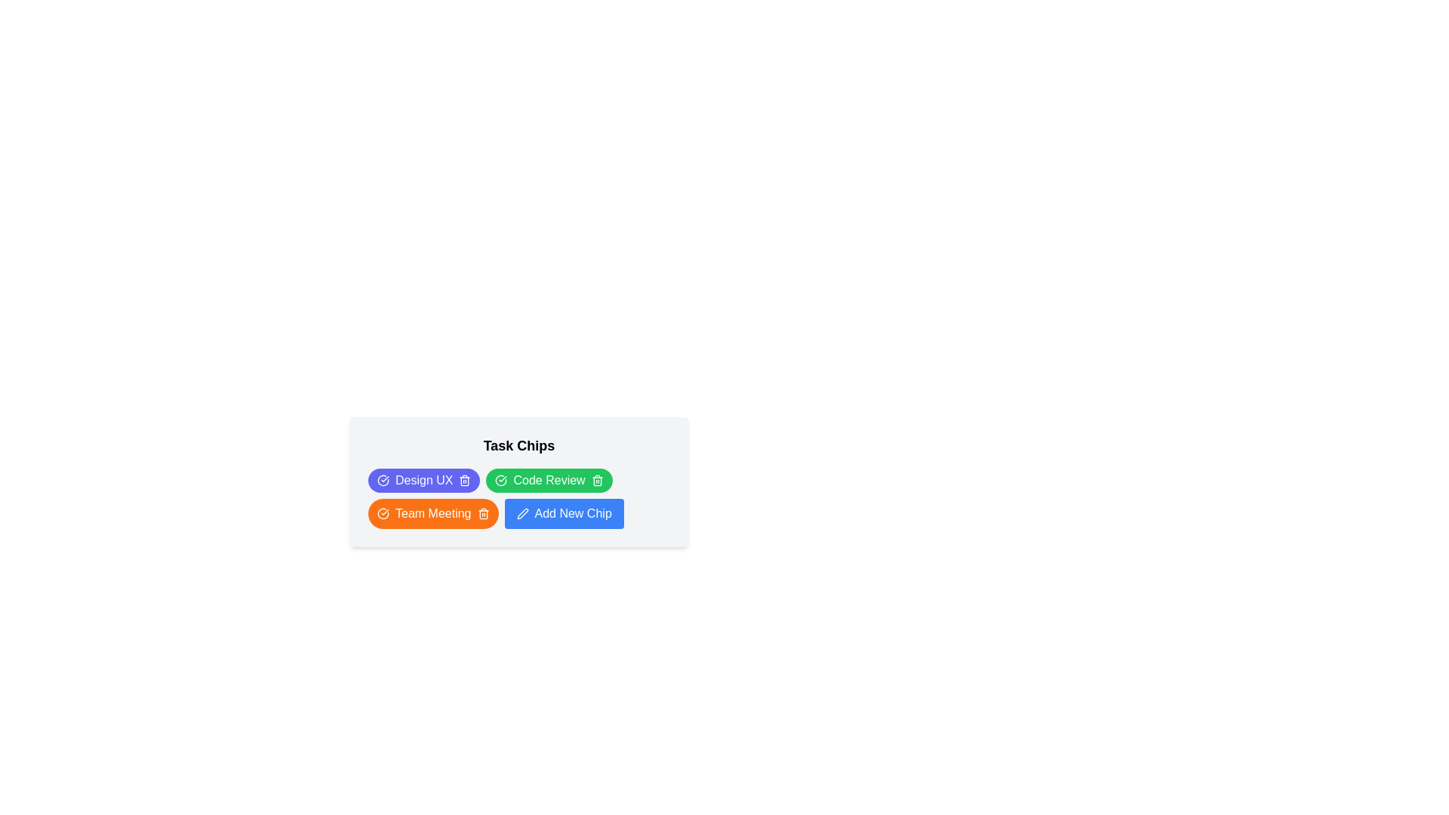  Describe the element at coordinates (432, 513) in the screenshot. I see `the 'Team Meeting' task chip` at that location.